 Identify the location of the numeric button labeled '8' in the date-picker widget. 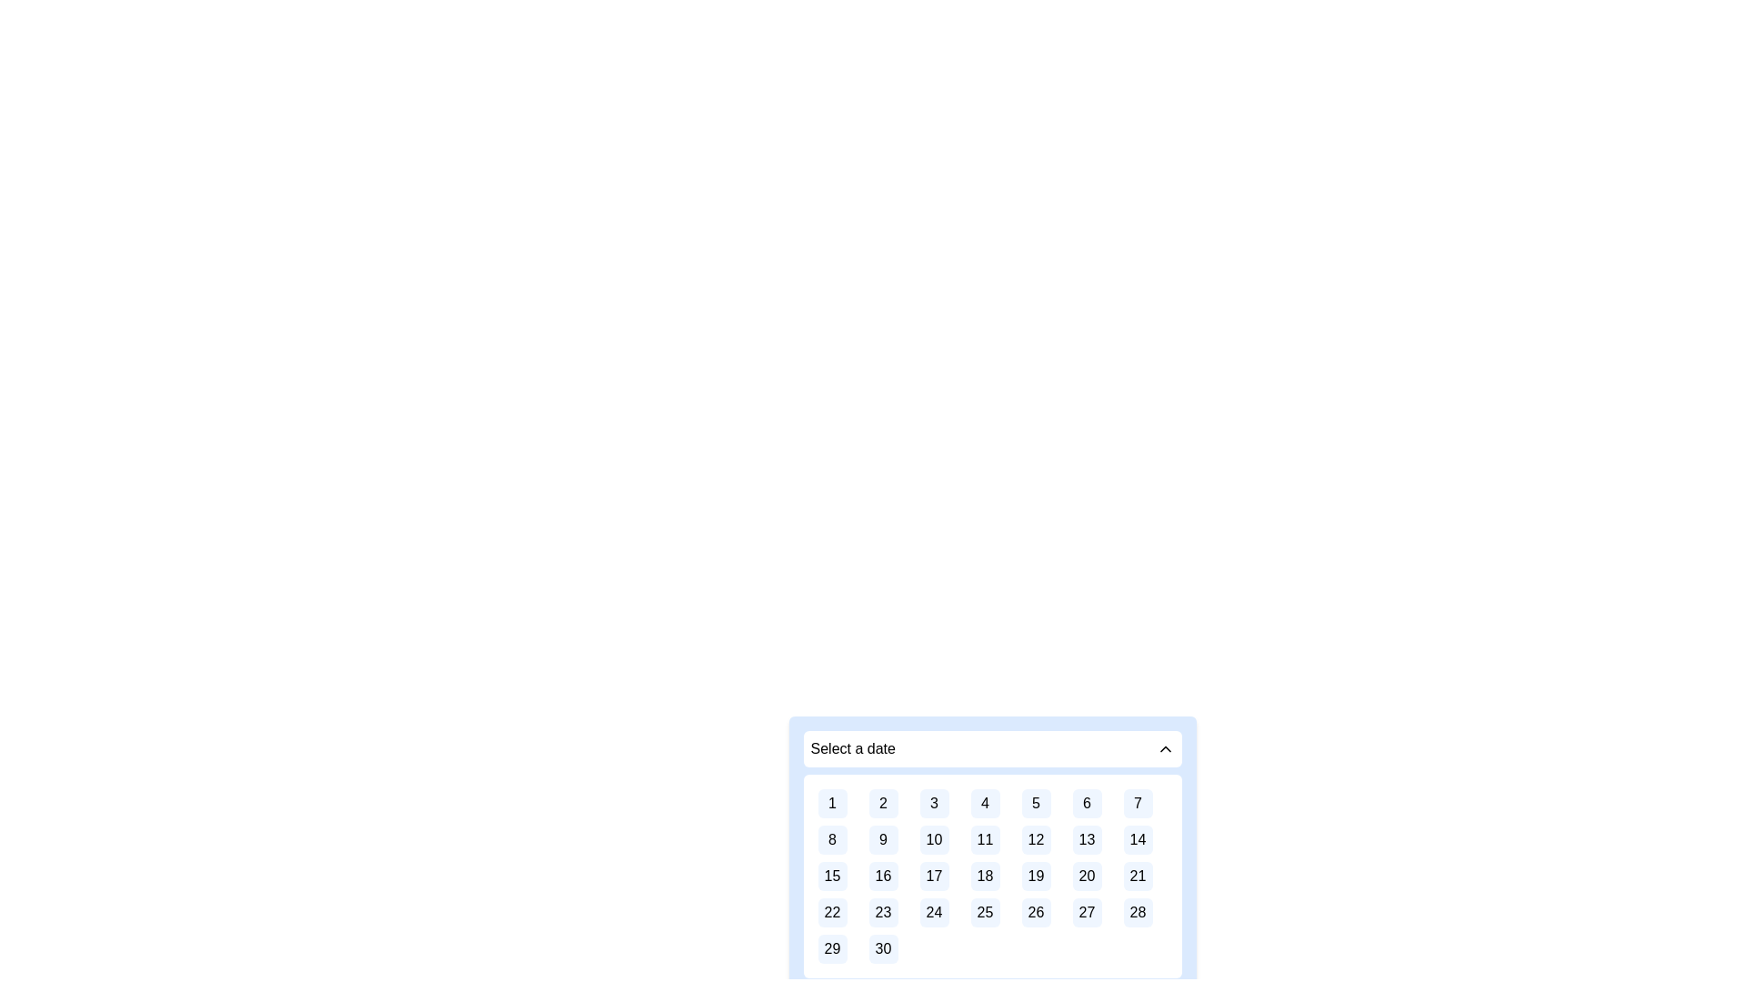
(831, 840).